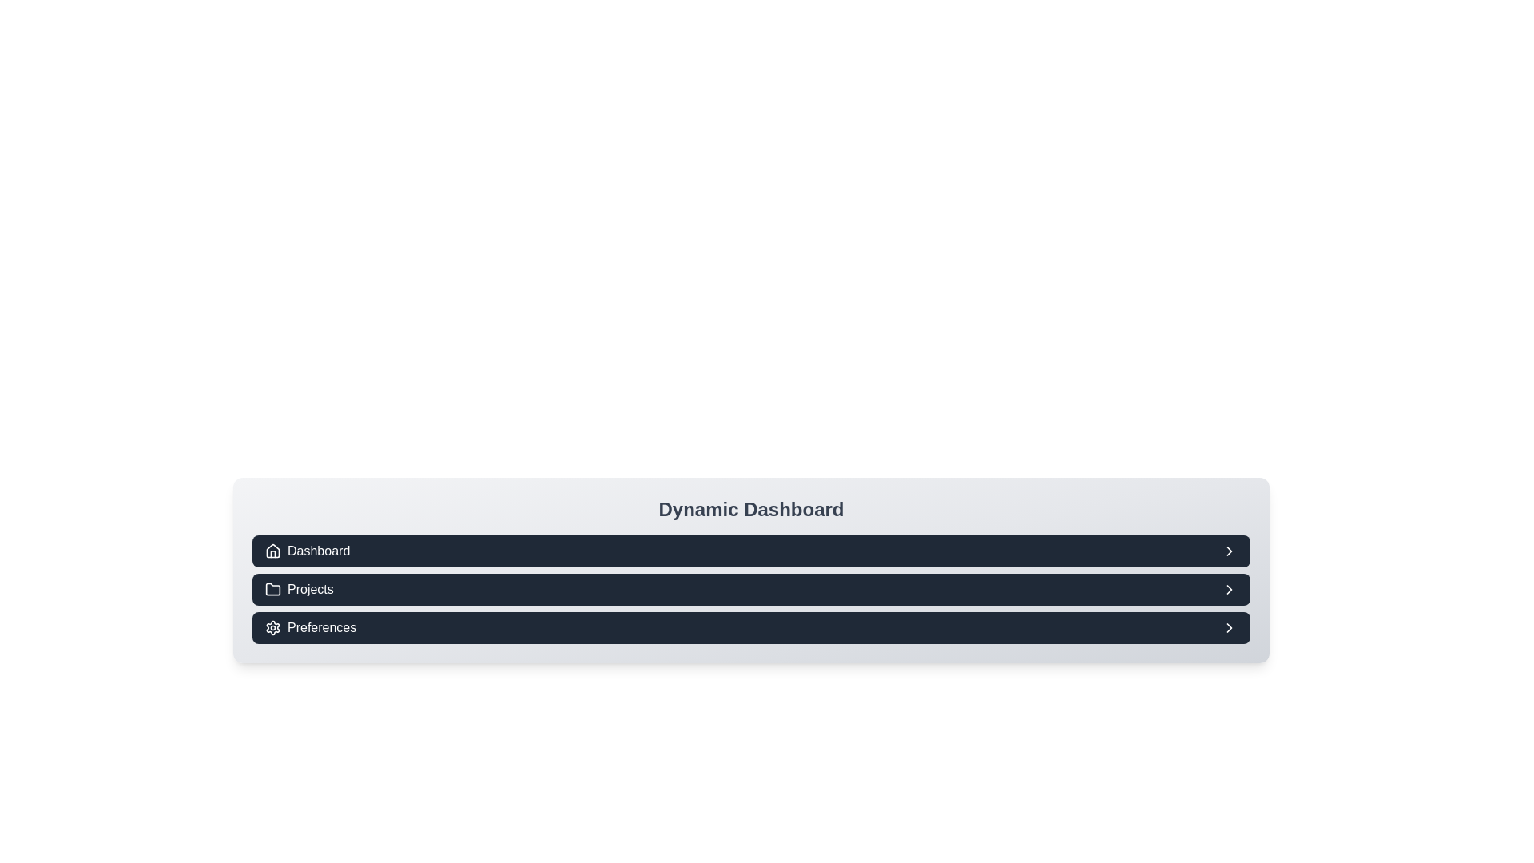  I want to click on the rightward-pointing chevron arrow icon located in the rightmost position of the 'Preferences' menu row, so click(1229, 589).